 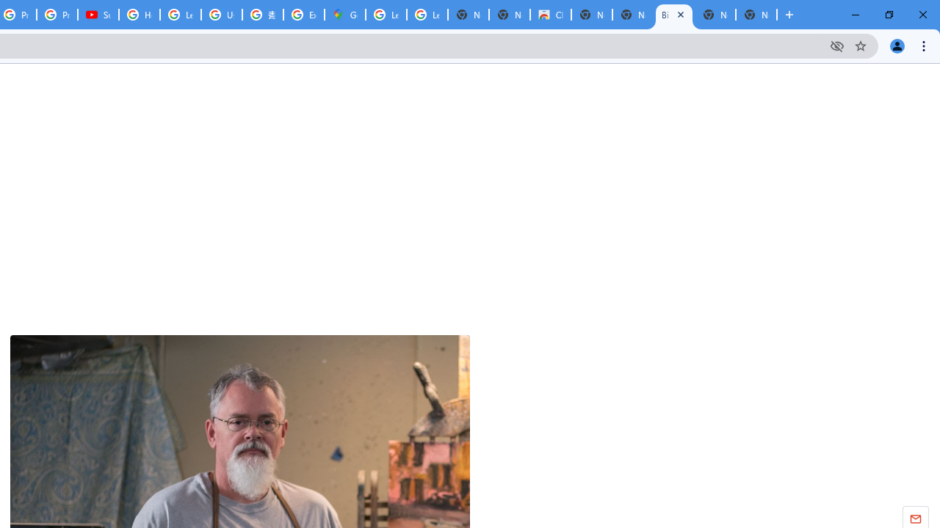 What do you see at coordinates (140, 15) in the screenshot?
I see `'How Chrome protects your passwords - Google Chrome Help'` at bounding box center [140, 15].